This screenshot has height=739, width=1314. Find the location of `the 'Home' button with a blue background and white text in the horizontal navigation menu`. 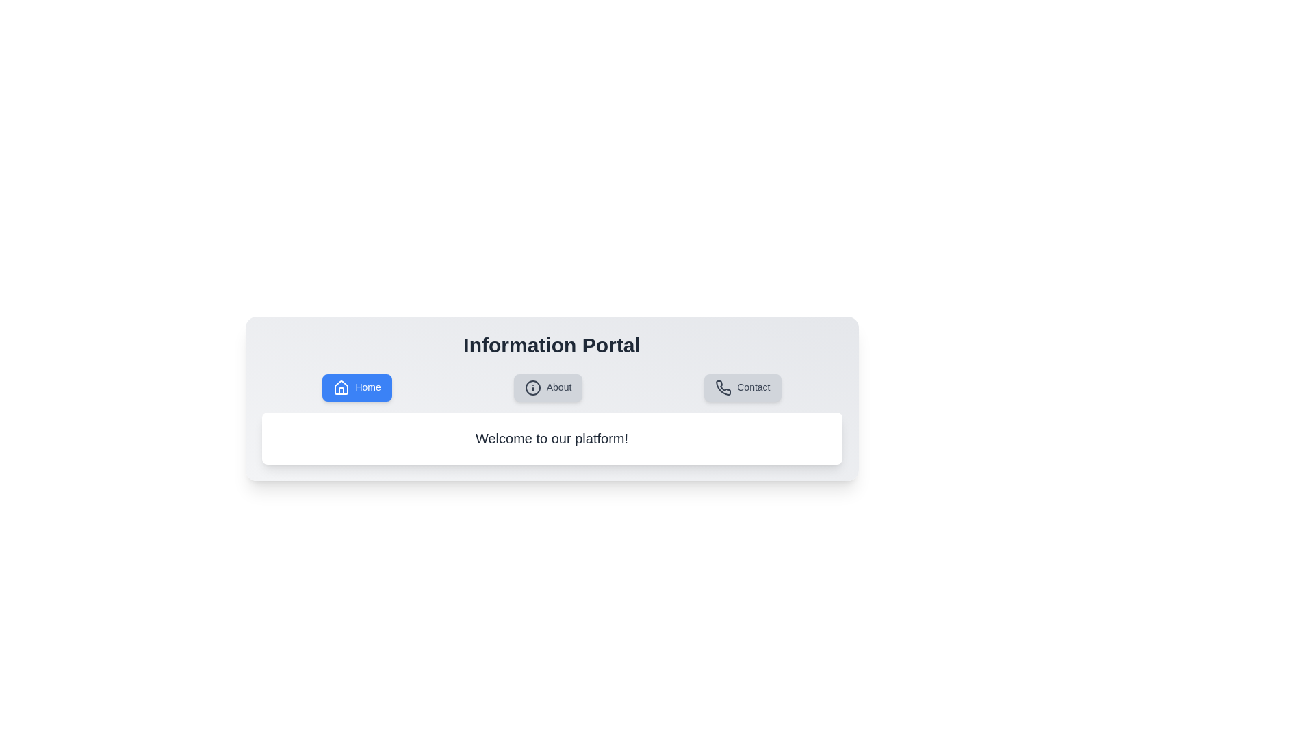

the 'Home' button with a blue background and white text in the horizontal navigation menu is located at coordinates (357, 388).